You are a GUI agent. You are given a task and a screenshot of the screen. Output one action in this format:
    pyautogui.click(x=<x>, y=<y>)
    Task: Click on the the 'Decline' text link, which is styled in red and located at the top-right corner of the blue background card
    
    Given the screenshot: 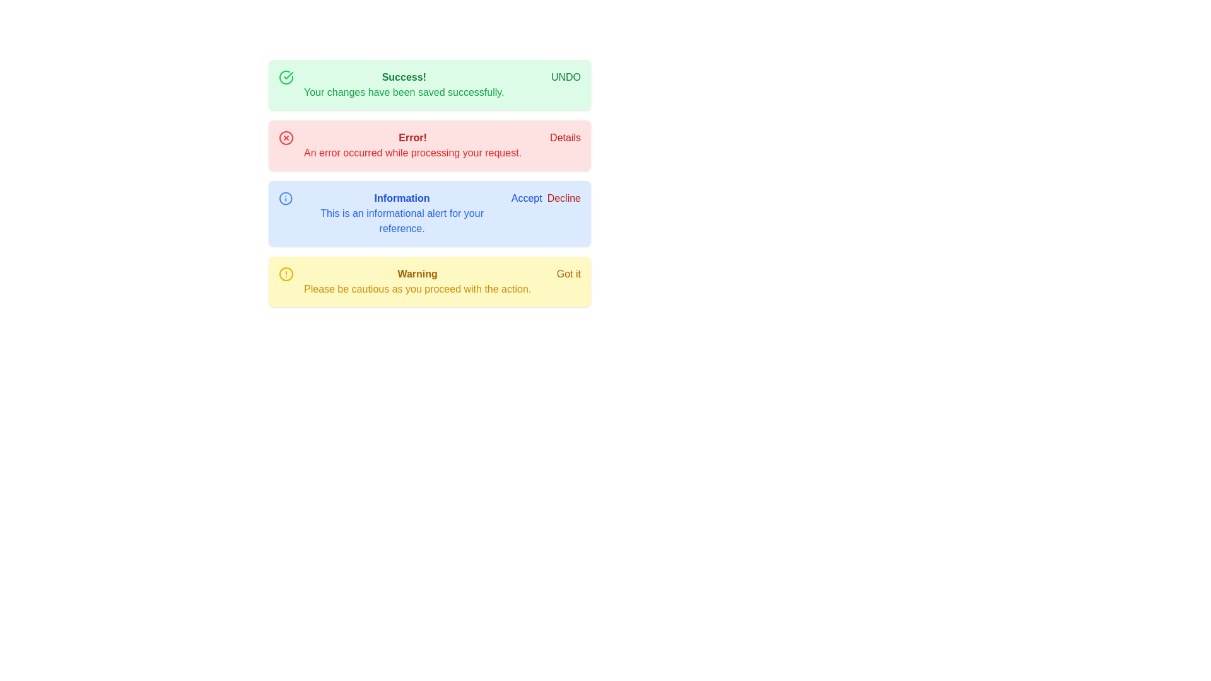 What is the action you would take?
    pyautogui.click(x=546, y=199)
    